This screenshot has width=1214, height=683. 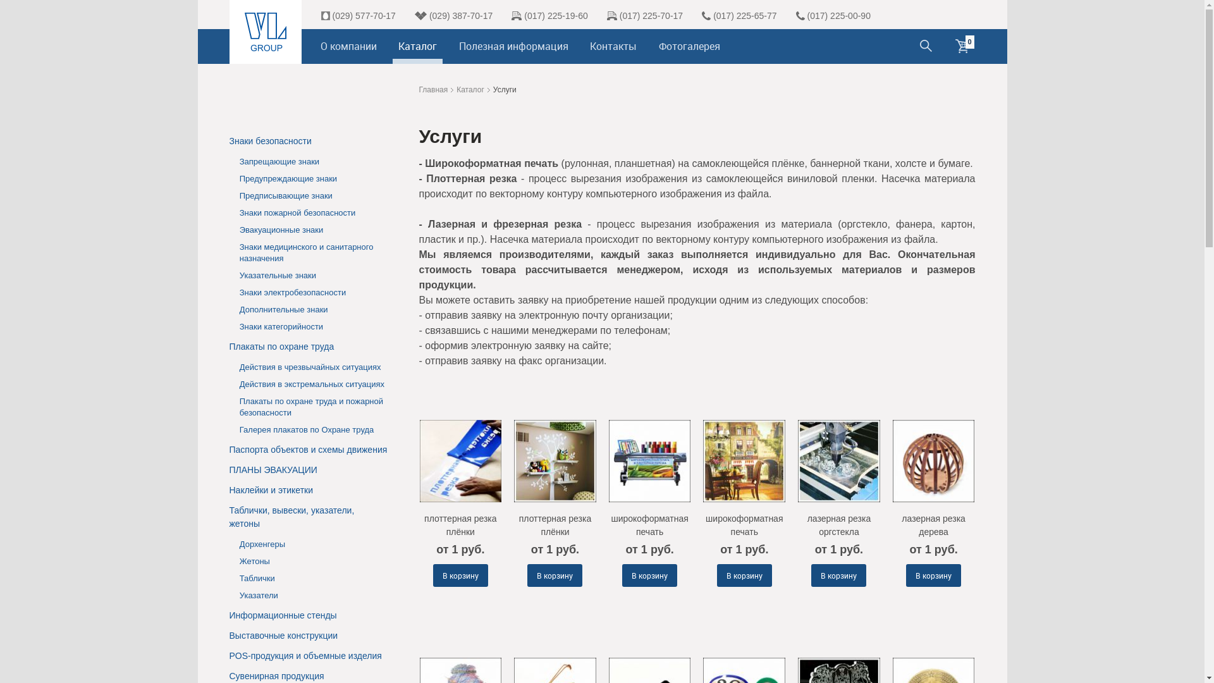 What do you see at coordinates (555, 15) in the screenshot?
I see `'(017) 225-19-60'` at bounding box center [555, 15].